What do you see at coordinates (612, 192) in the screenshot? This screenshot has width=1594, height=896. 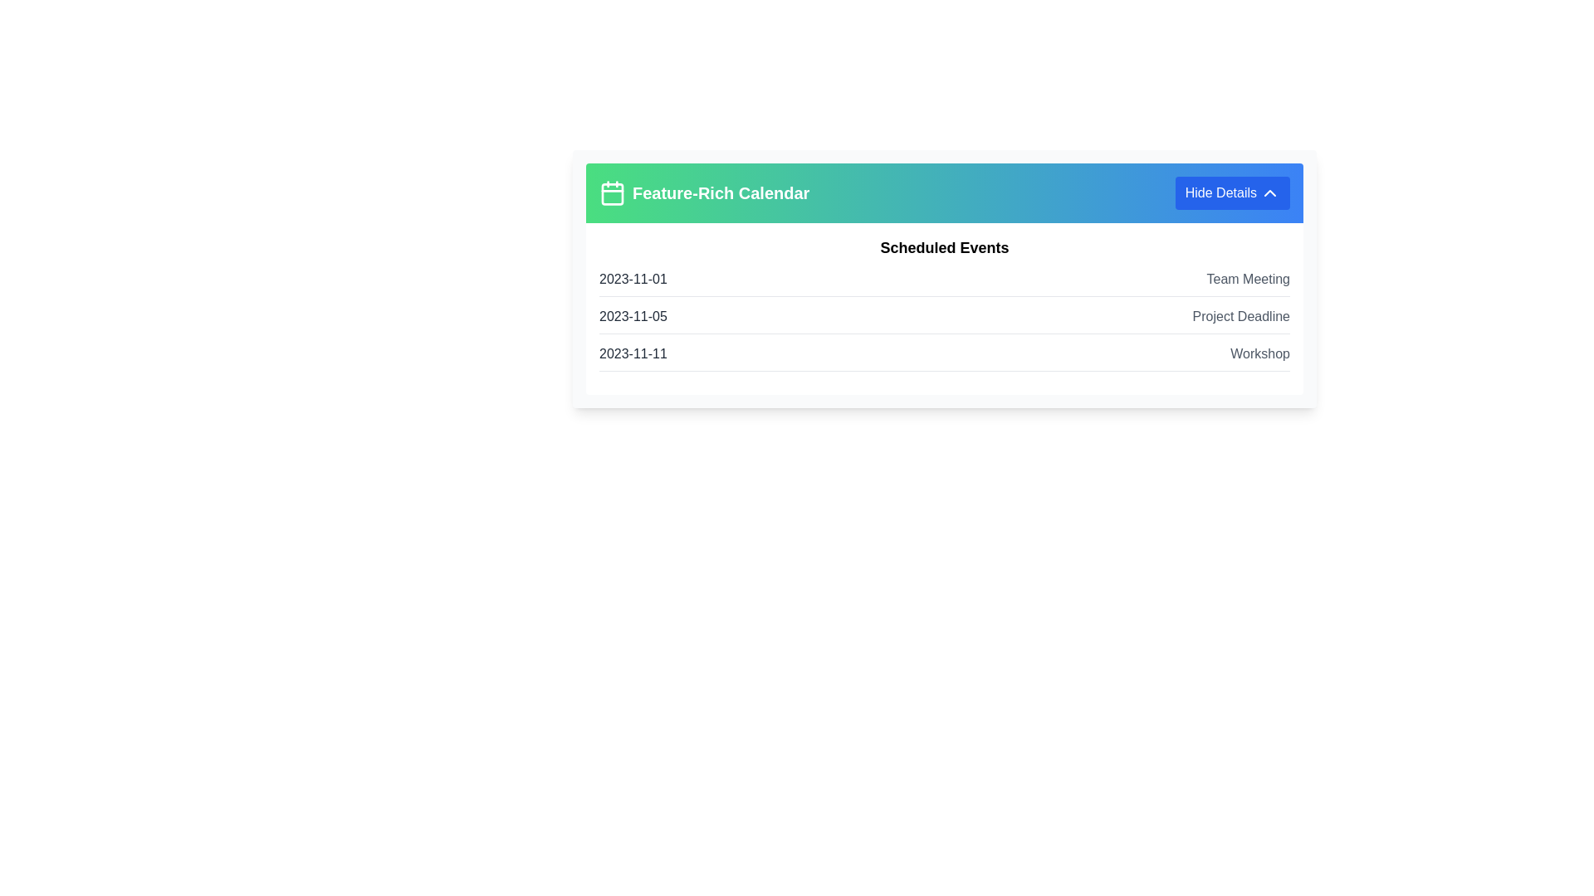 I see `the calendar icon with a wireframe design, outlined in white against a green background, located to the left of the text 'Feature-Rich Calendar'` at bounding box center [612, 192].